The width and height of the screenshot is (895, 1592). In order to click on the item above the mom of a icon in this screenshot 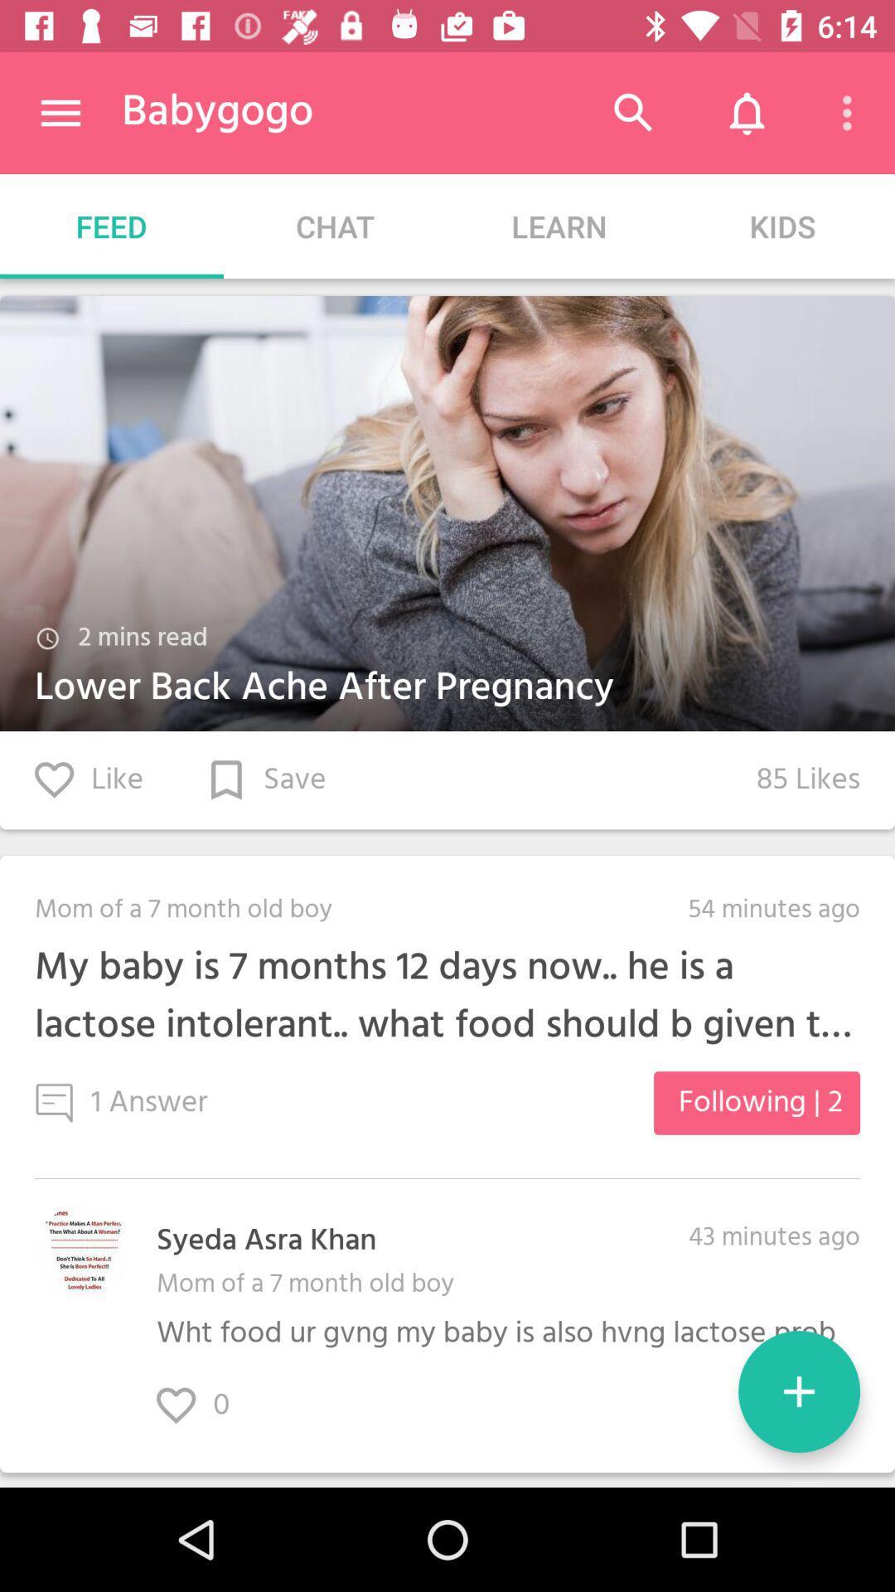, I will do `click(265, 1241)`.